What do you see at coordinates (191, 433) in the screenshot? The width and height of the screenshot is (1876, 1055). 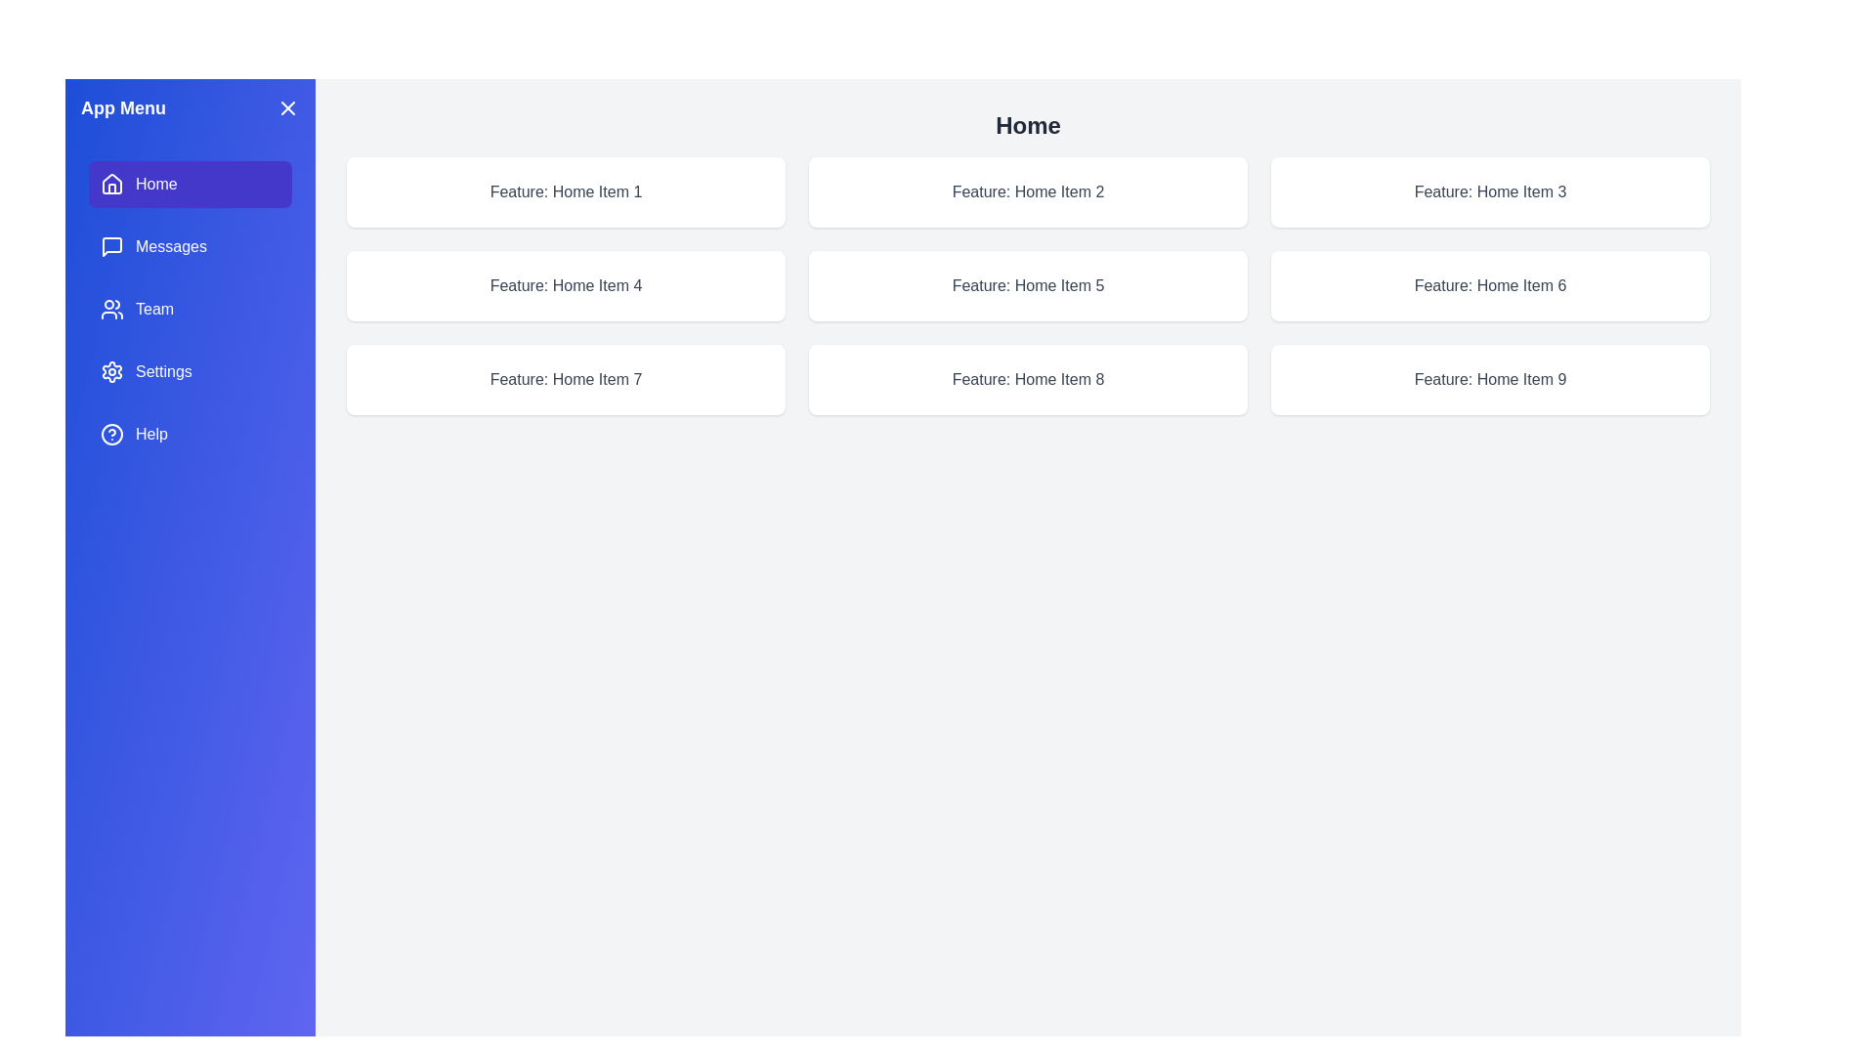 I see `the feature Help from the menu` at bounding box center [191, 433].